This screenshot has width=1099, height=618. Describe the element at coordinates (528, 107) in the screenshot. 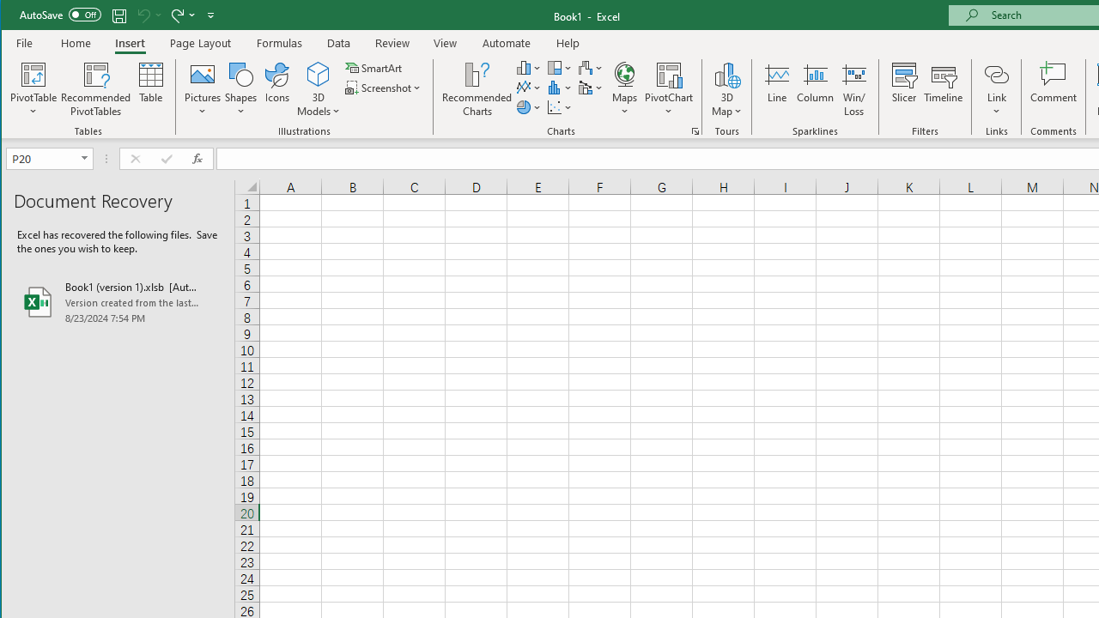

I see `'Insert Pie or Doughnut Chart'` at that location.